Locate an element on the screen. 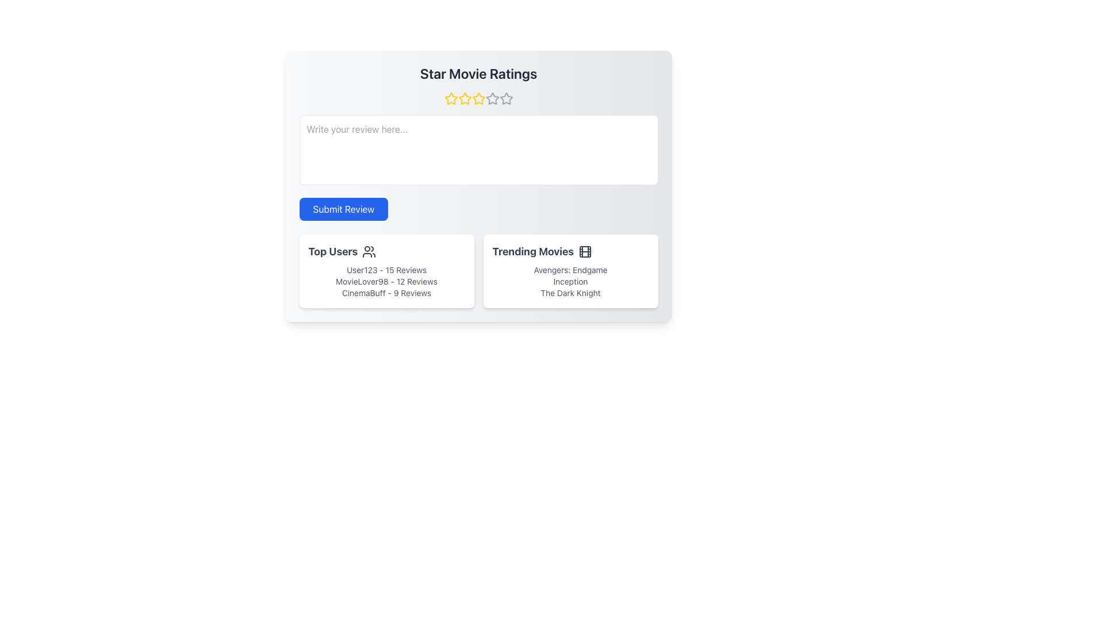 This screenshot has height=621, width=1104. 'Trending Movies' card located in the bottom right corner of the grid layout to view the movie list including 'Avengers: Endgame', 'Inception', and 'The Dark Knight' is located at coordinates (570, 271).